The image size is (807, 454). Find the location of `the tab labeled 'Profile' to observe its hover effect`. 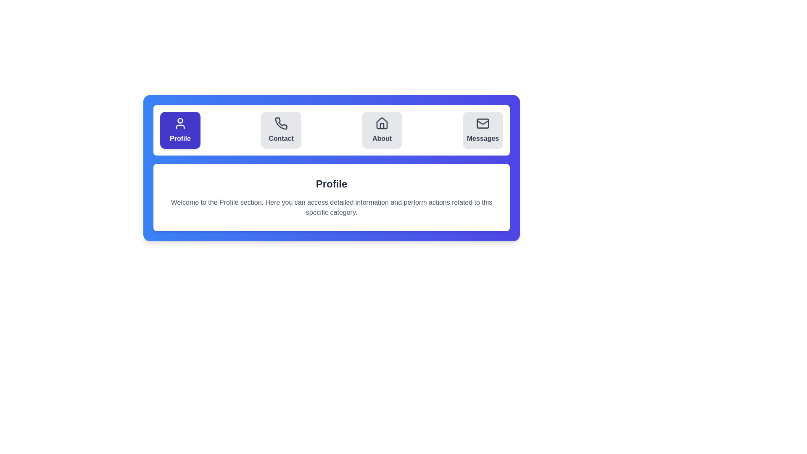

the tab labeled 'Profile' to observe its hover effect is located at coordinates (179, 130).